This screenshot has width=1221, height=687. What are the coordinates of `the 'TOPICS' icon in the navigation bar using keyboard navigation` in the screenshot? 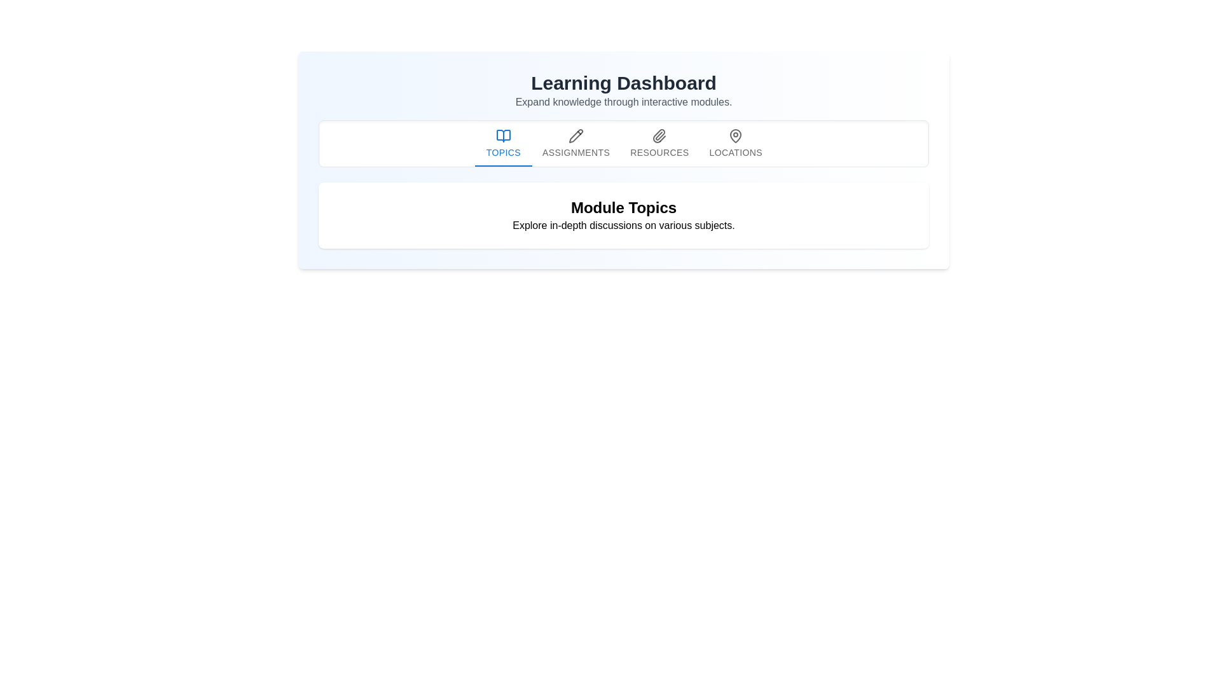 It's located at (503, 136).